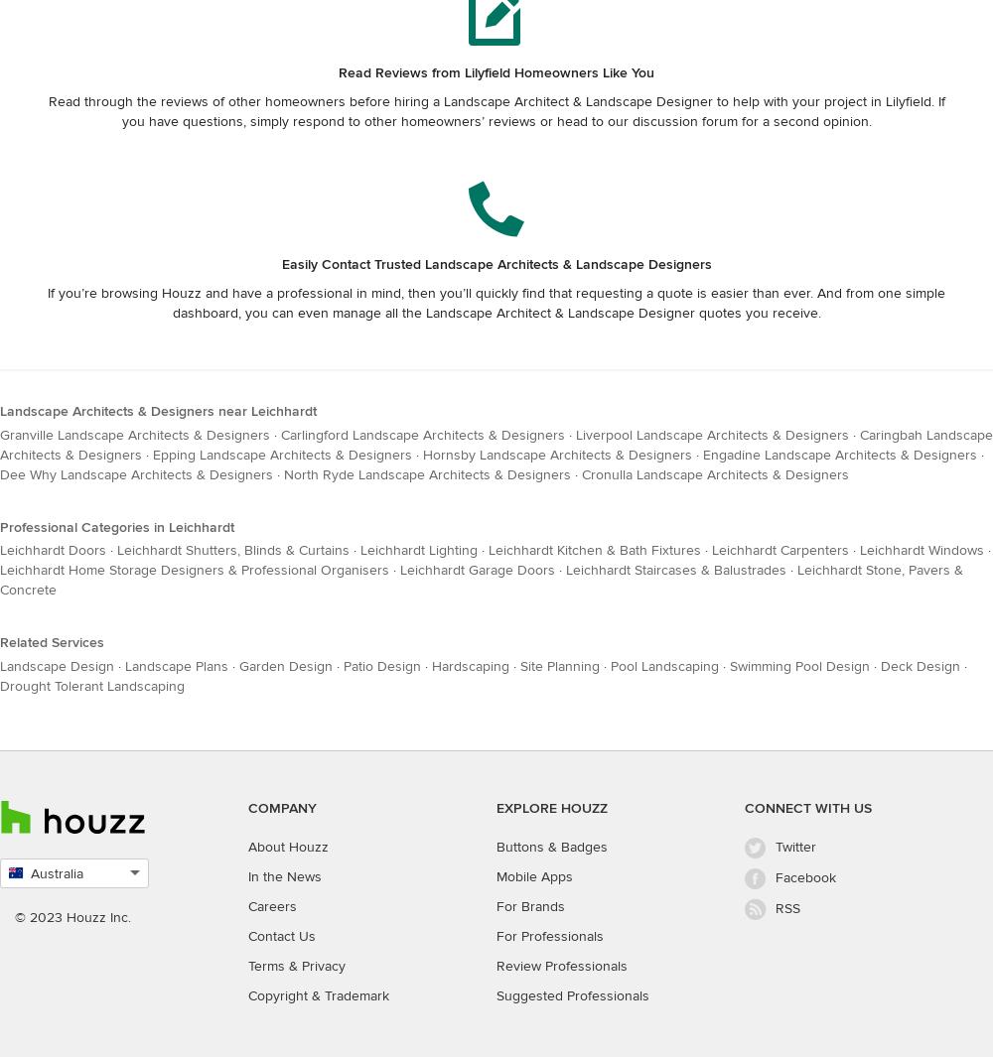 Image resolution: width=993 pixels, height=1057 pixels. I want to click on 'Leichhardt Doors', so click(0, 550).